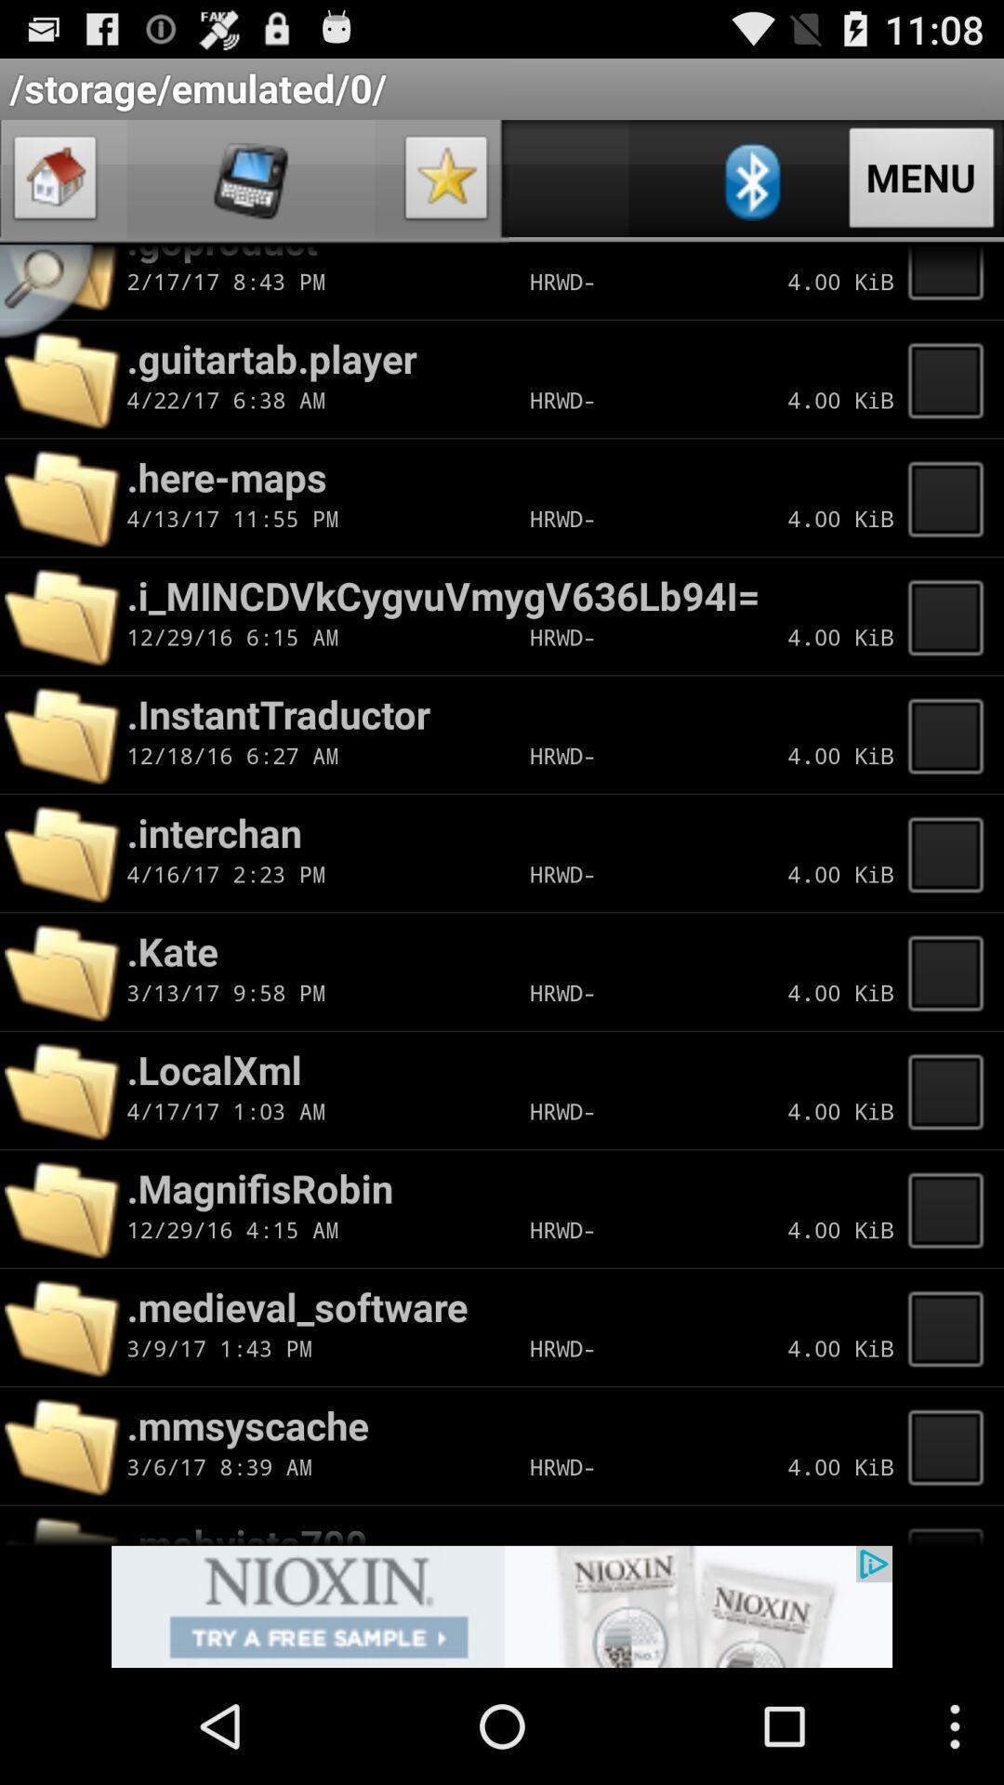  What do you see at coordinates (951, 378) in the screenshot?
I see `guitartab.player folder` at bounding box center [951, 378].